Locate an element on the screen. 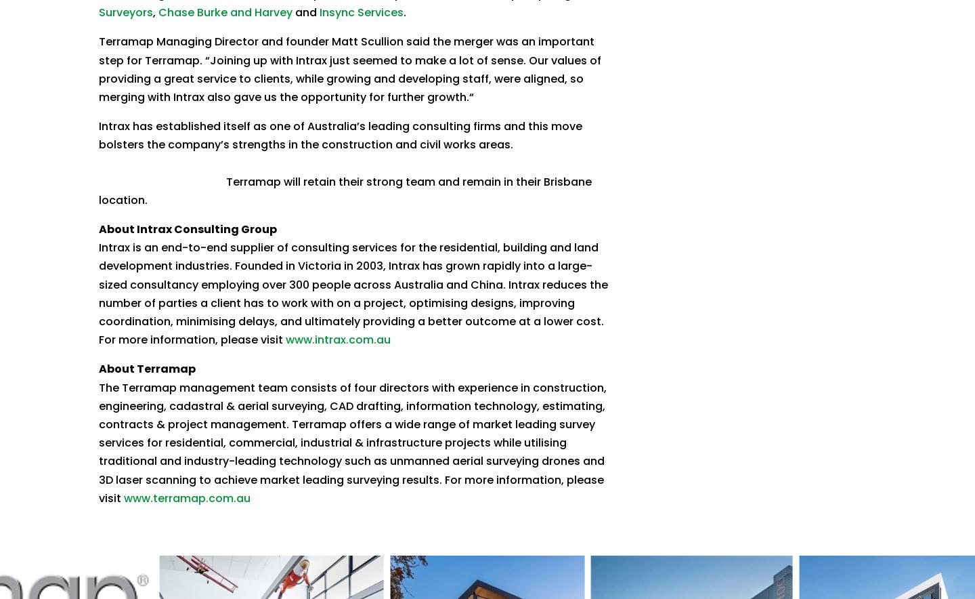 This screenshot has height=599, width=975. 'Insync Services' is located at coordinates (360, 12).